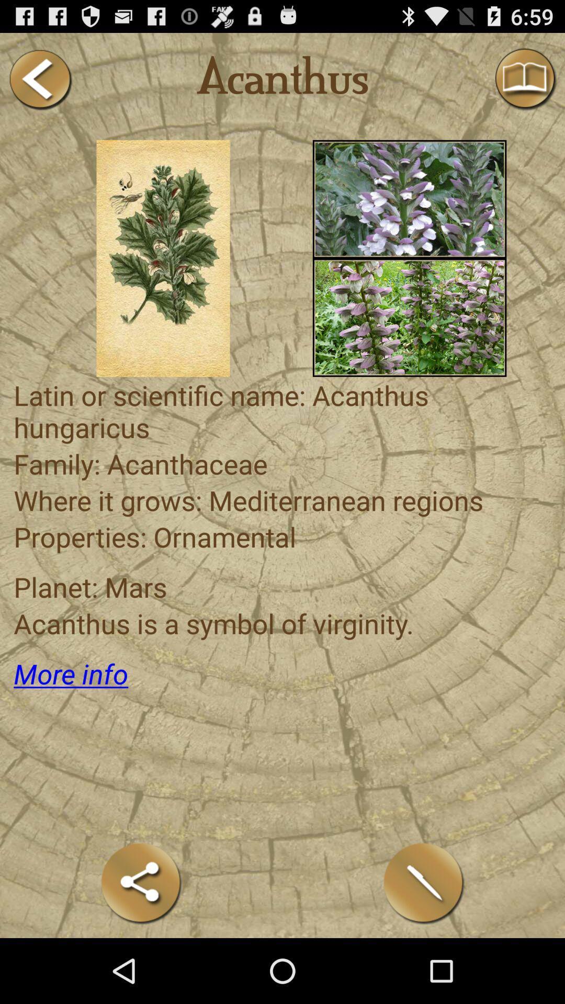  What do you see at coordinates (424, 883) in the screenshot?
I see `personal notes for this plant` at bounding box center [424, 883].